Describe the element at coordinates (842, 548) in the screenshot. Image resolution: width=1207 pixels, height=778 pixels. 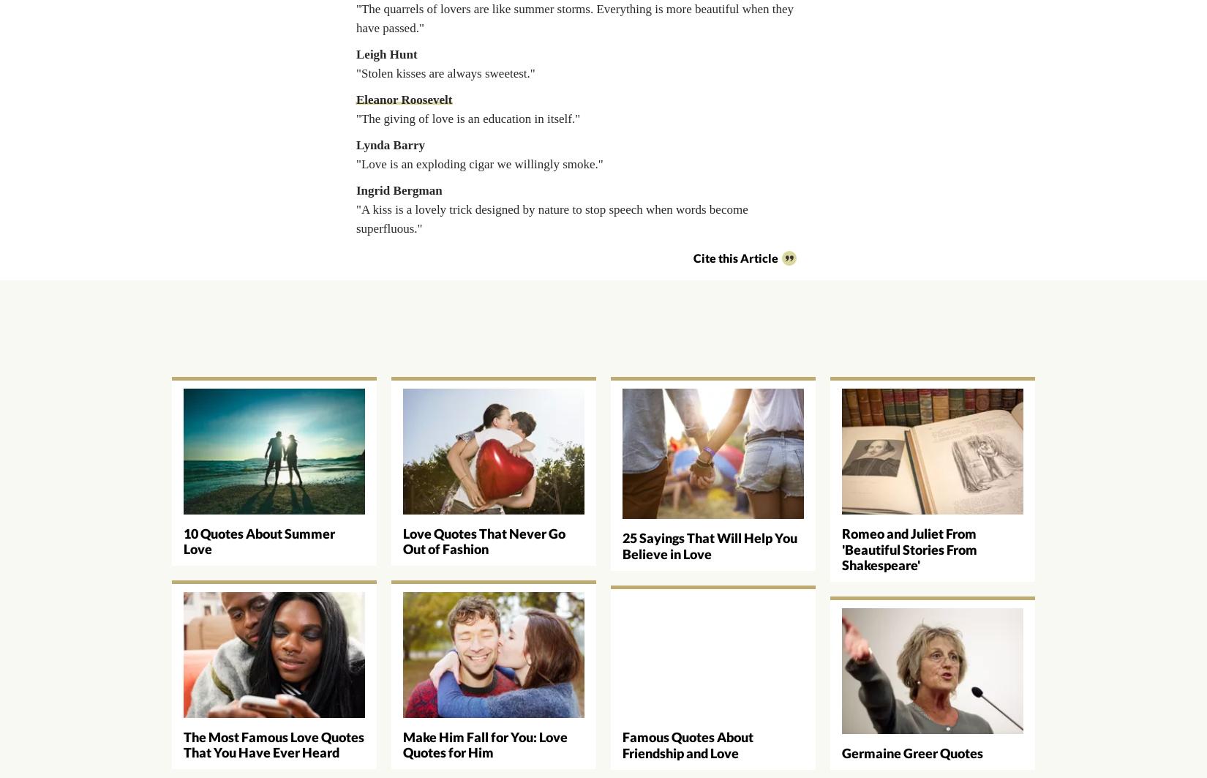
I see `'Romeo and Juliet From 'Beautiful Stories From Shakespeare''` at that location.